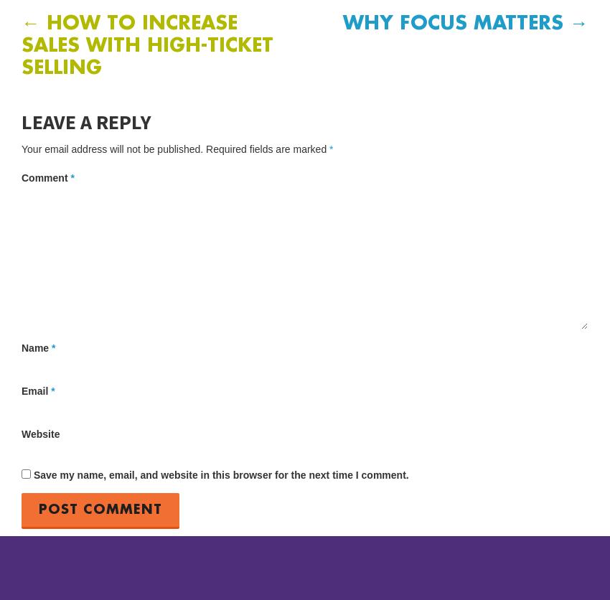 The image size is (610, 600). I want to click on 'Required fields are marked', so click(266, 147).